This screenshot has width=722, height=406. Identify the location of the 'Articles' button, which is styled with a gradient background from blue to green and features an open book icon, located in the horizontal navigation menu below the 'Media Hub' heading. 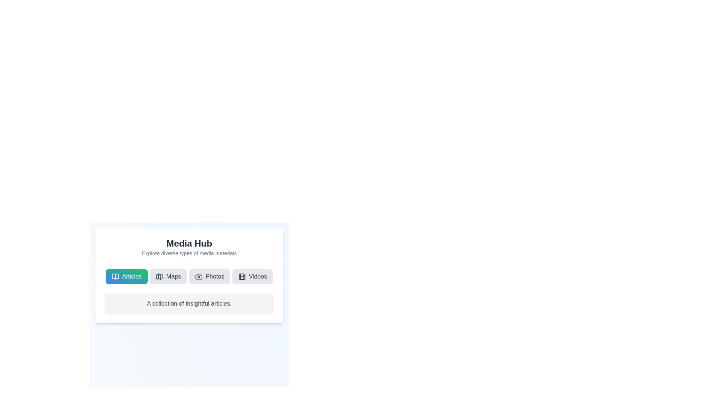
(126, 277).